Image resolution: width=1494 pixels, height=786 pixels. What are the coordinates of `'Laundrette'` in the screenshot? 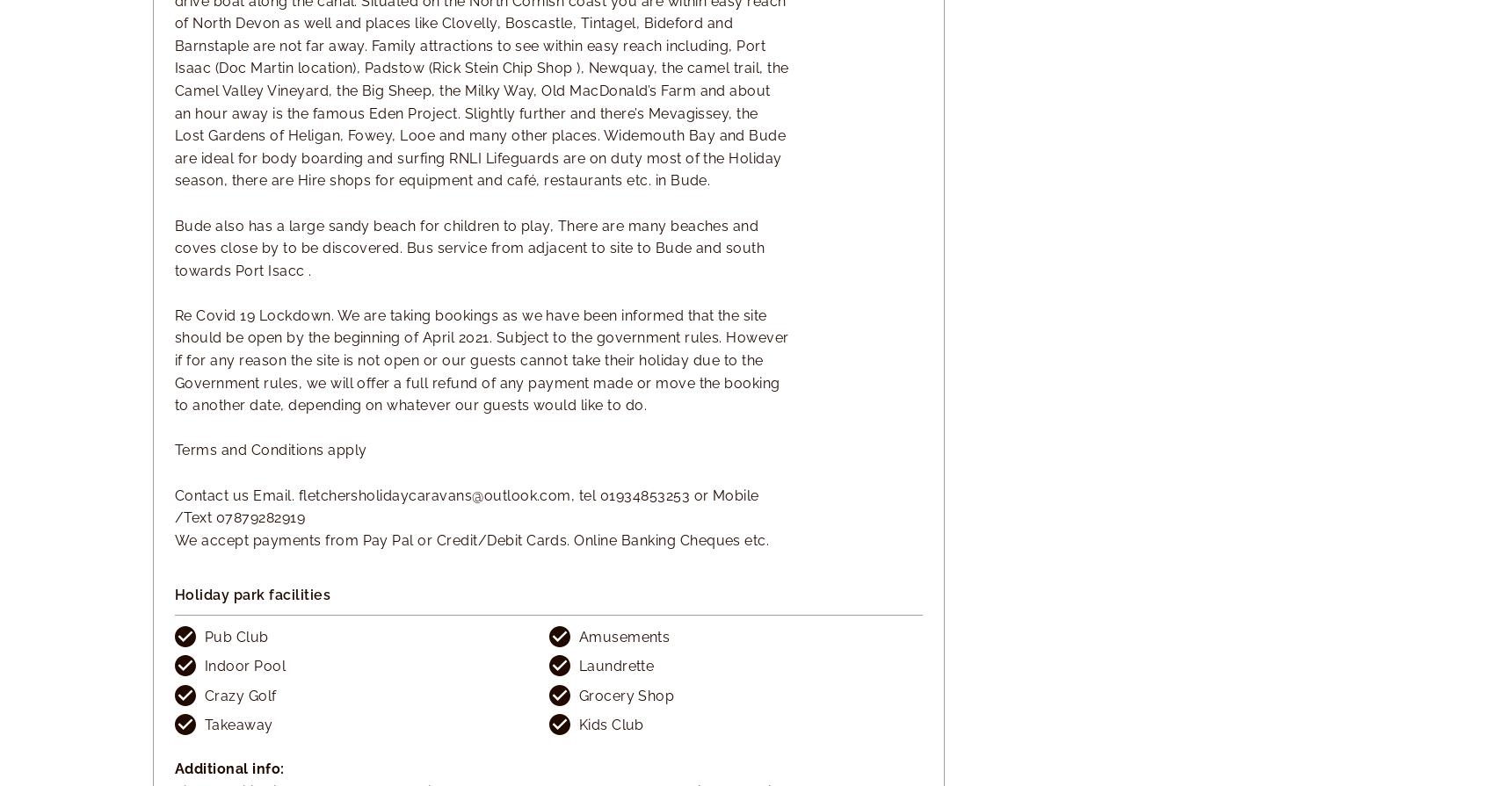 It's located at (616, 665).